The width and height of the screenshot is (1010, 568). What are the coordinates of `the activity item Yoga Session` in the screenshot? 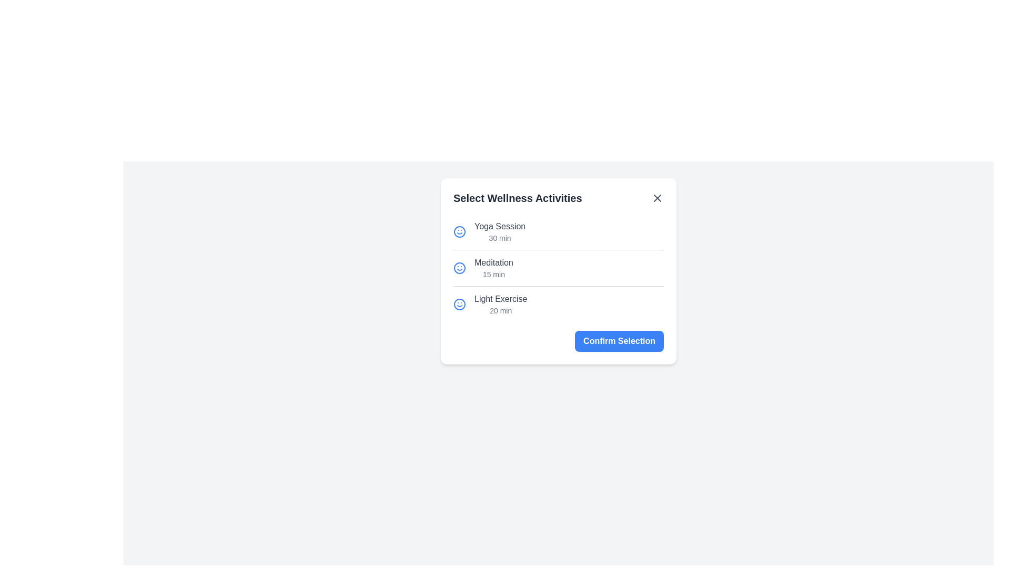 It's located at (489, 231).